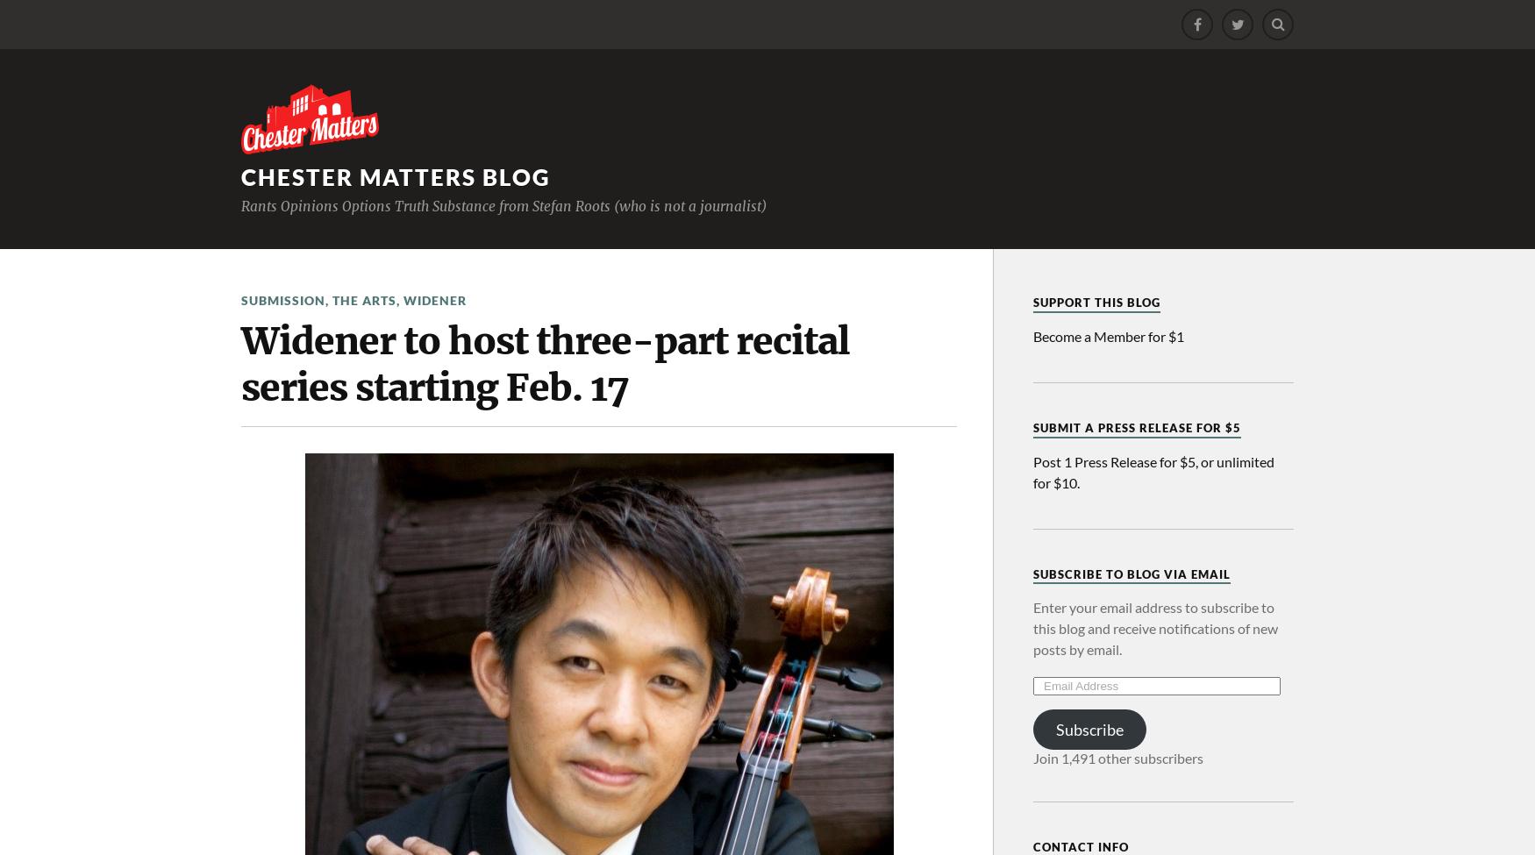 Image resolution: width=1535 pixels, height=855 pixels. Describe the element at coordinates (396, 177) in the screenshot. I see `'Chester Matters Blog'` at that location.